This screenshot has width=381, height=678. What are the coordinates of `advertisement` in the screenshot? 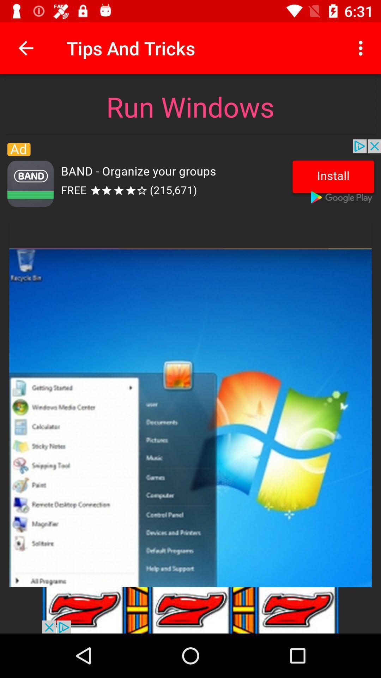 It's located at (190, 610).